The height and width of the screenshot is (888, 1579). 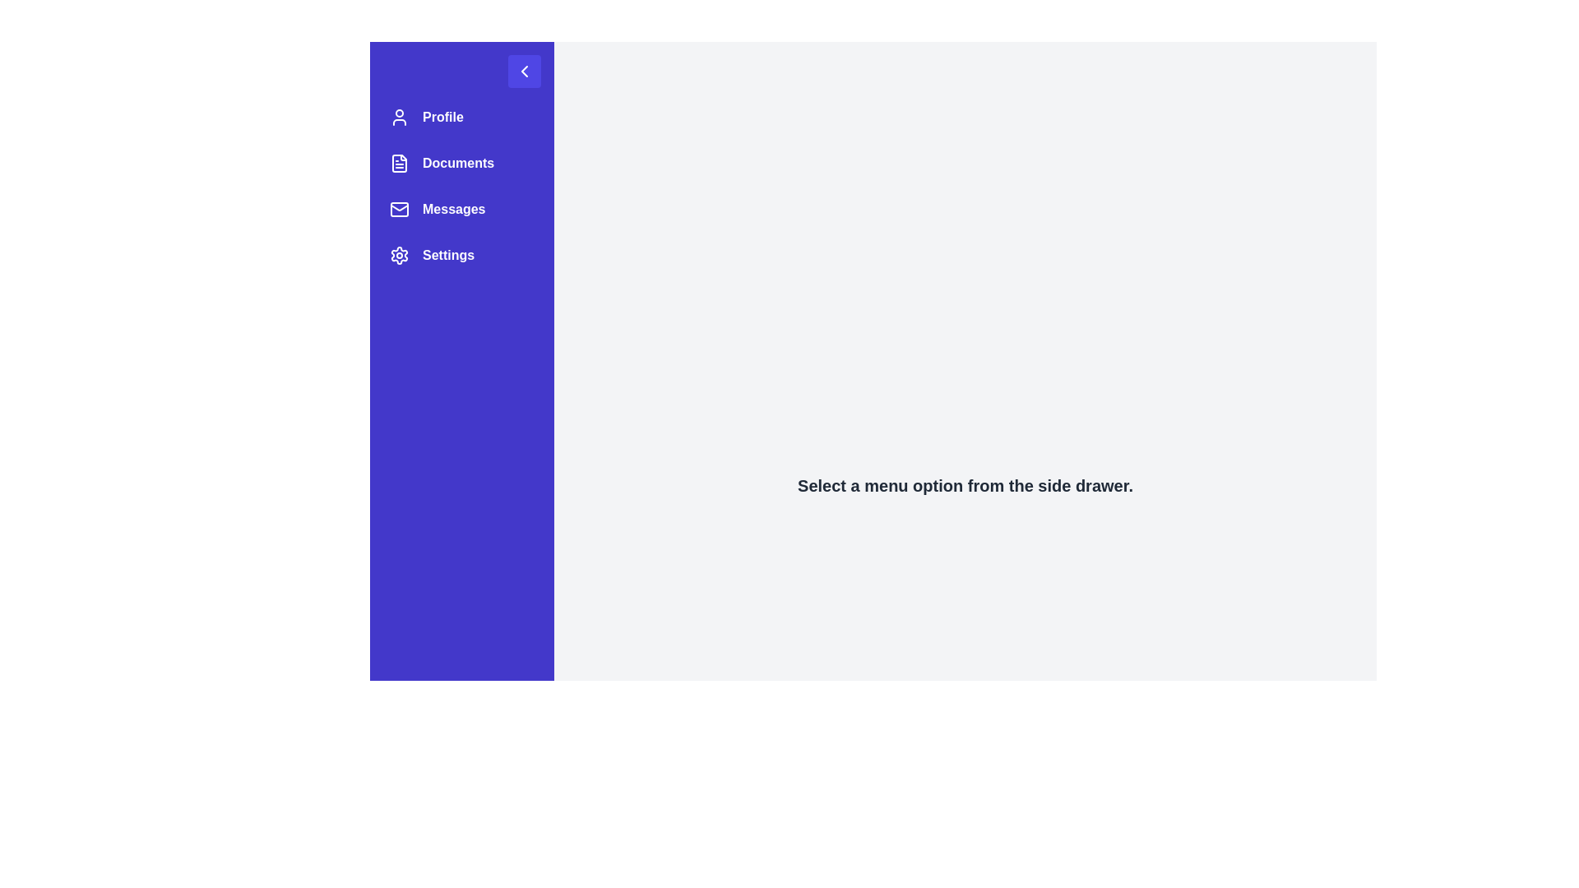 What do you see at coordinates (524, 71) in the screenshot?
I see `the left-facing arrow icon button located in the top-left portion of the interface within the purple sidebar` at bounding box center [524, 71].